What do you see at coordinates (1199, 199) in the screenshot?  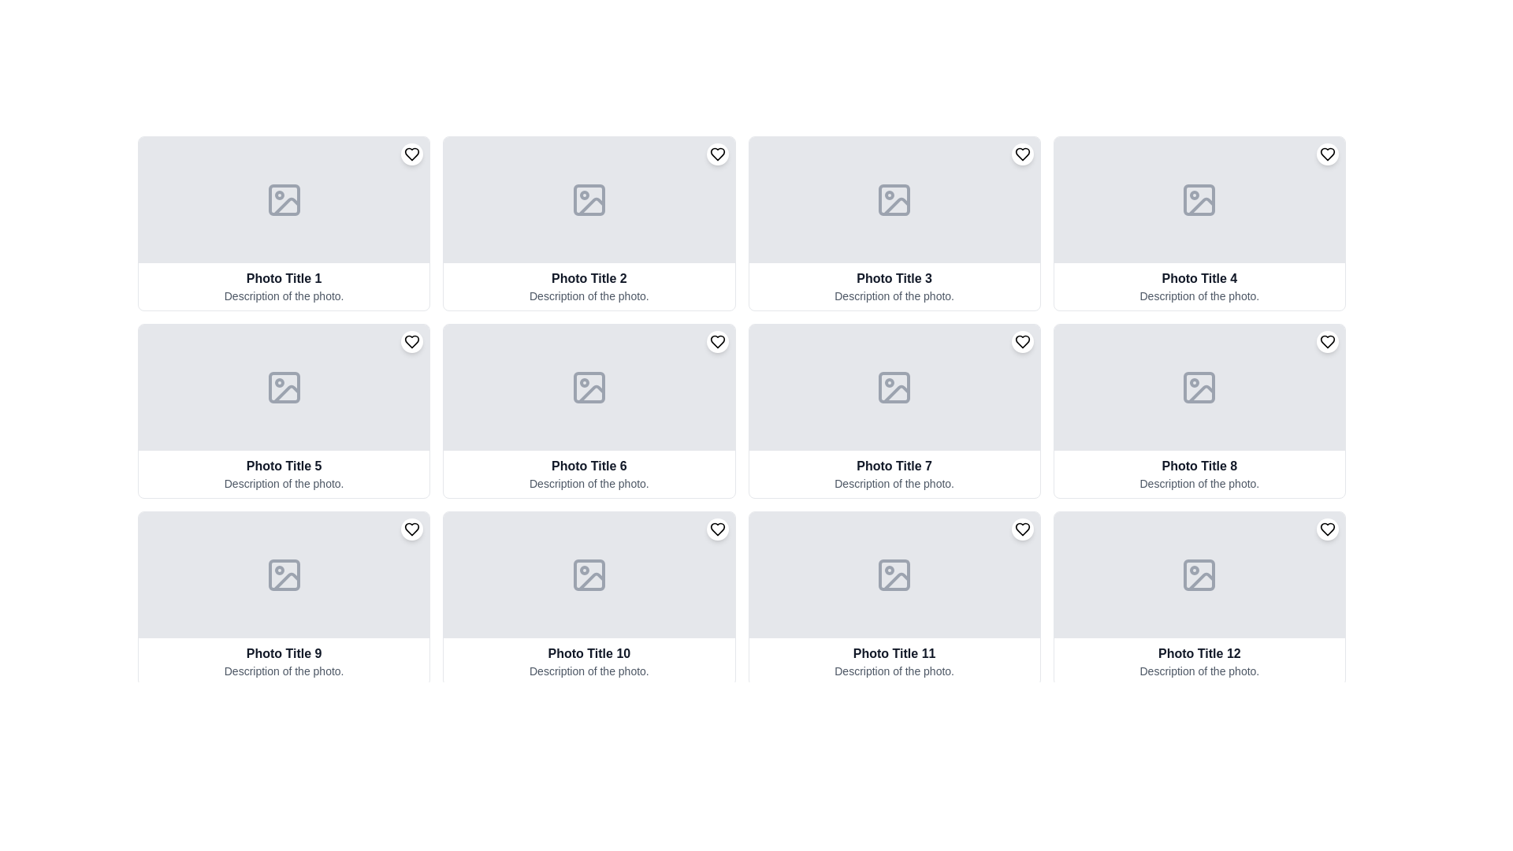 I see `the icon that serves as a placeholder for an image, located within the card labeled as 'Photo Title 4' and 'Description of the photo'` at bounding box center [1199, 199].